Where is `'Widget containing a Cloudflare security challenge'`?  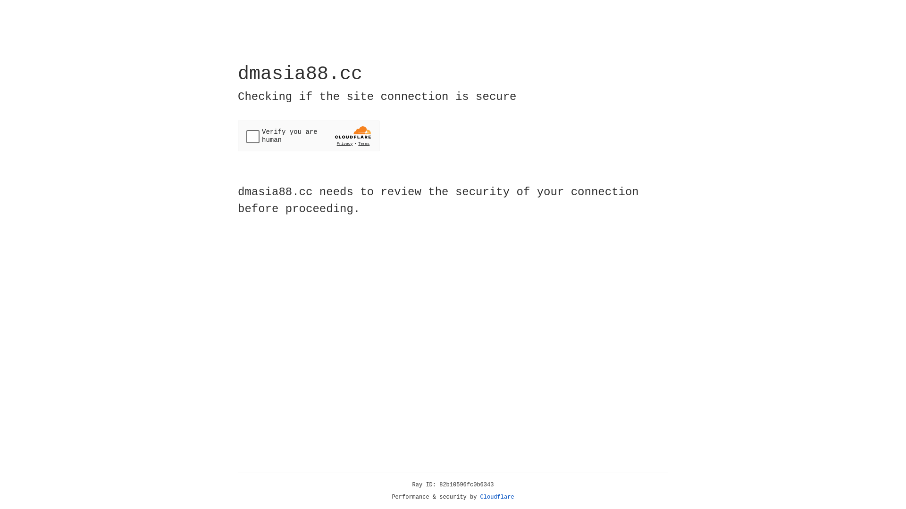 'Widget containing a Cloudflare security challenge' is located at coordinates (308, 136).